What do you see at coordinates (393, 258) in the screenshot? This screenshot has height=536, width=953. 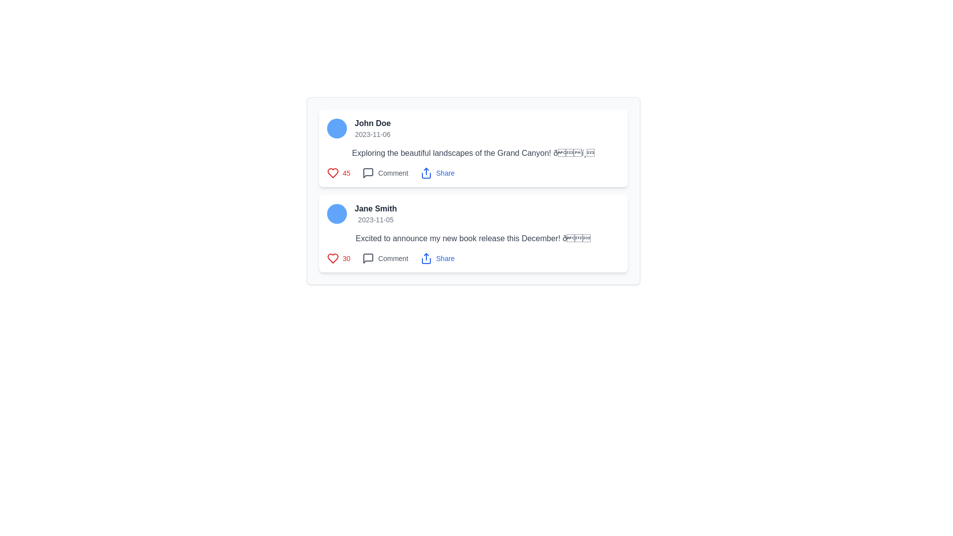 I see `the 'Comment' label, which is styled in medium-light gray and is positioned below the post description next to a speech bubble icon` at bounding box center [393, 258].